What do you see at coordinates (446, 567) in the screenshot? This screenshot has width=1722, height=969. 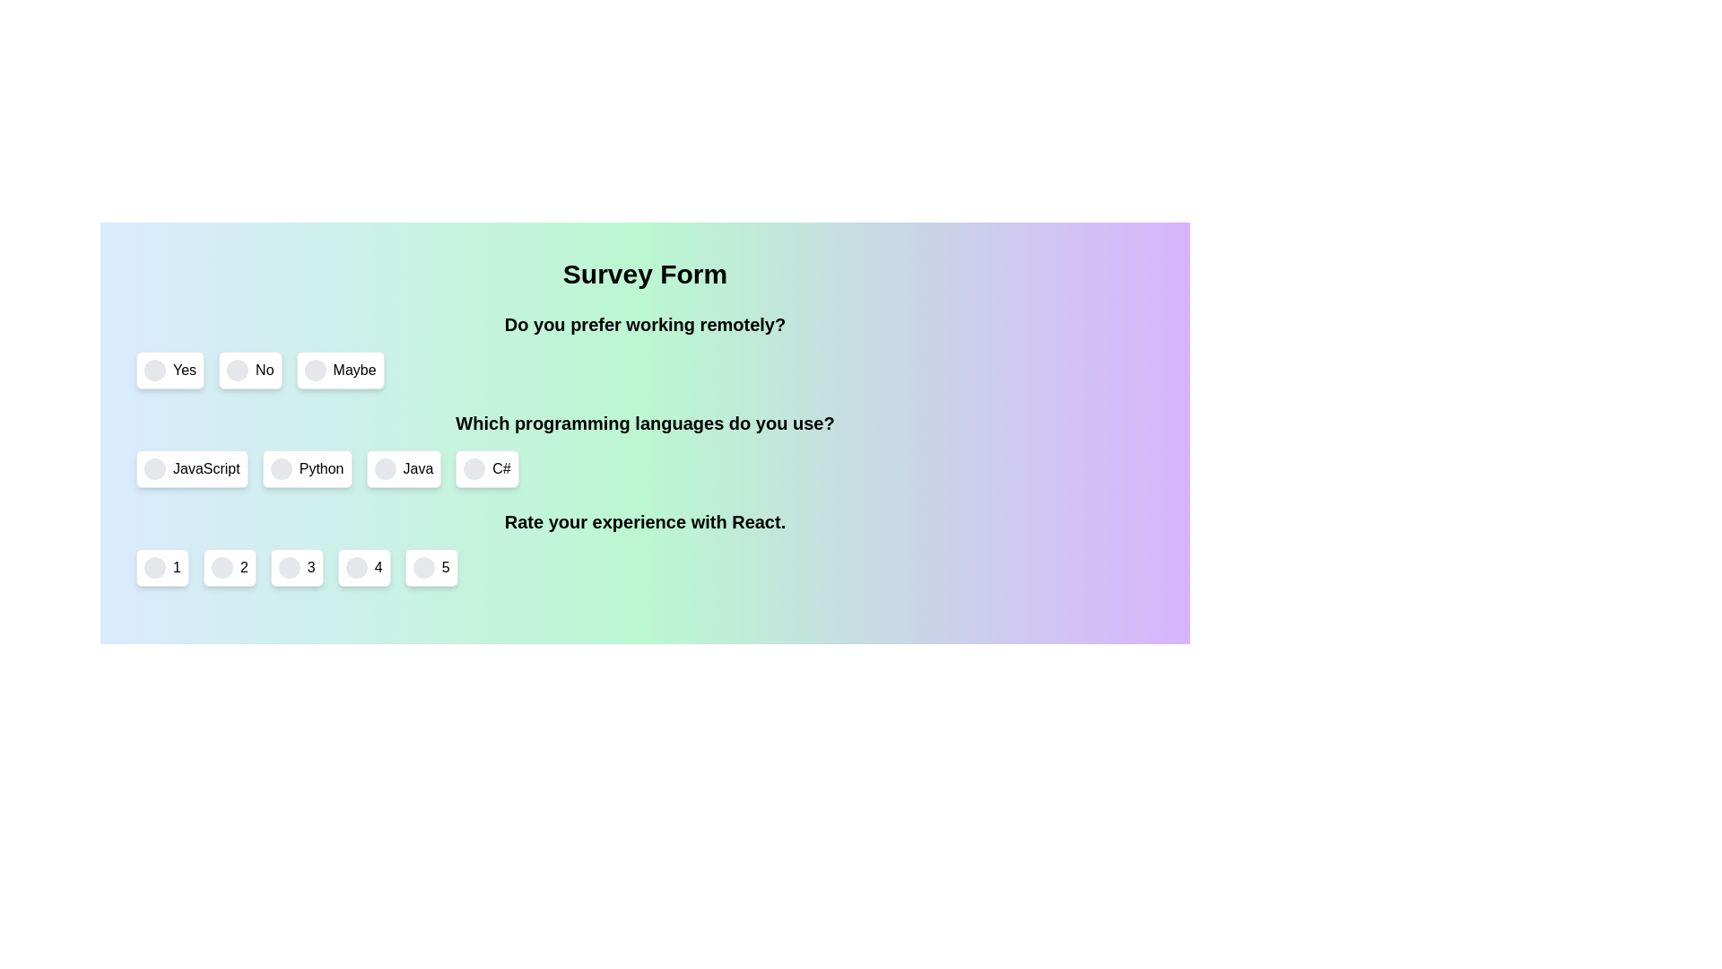 I see `the text label displaying the rating value '5' located at the far right of a horizontal row of buttons labeled from 1 to 5` at bounding box center [446, 567].